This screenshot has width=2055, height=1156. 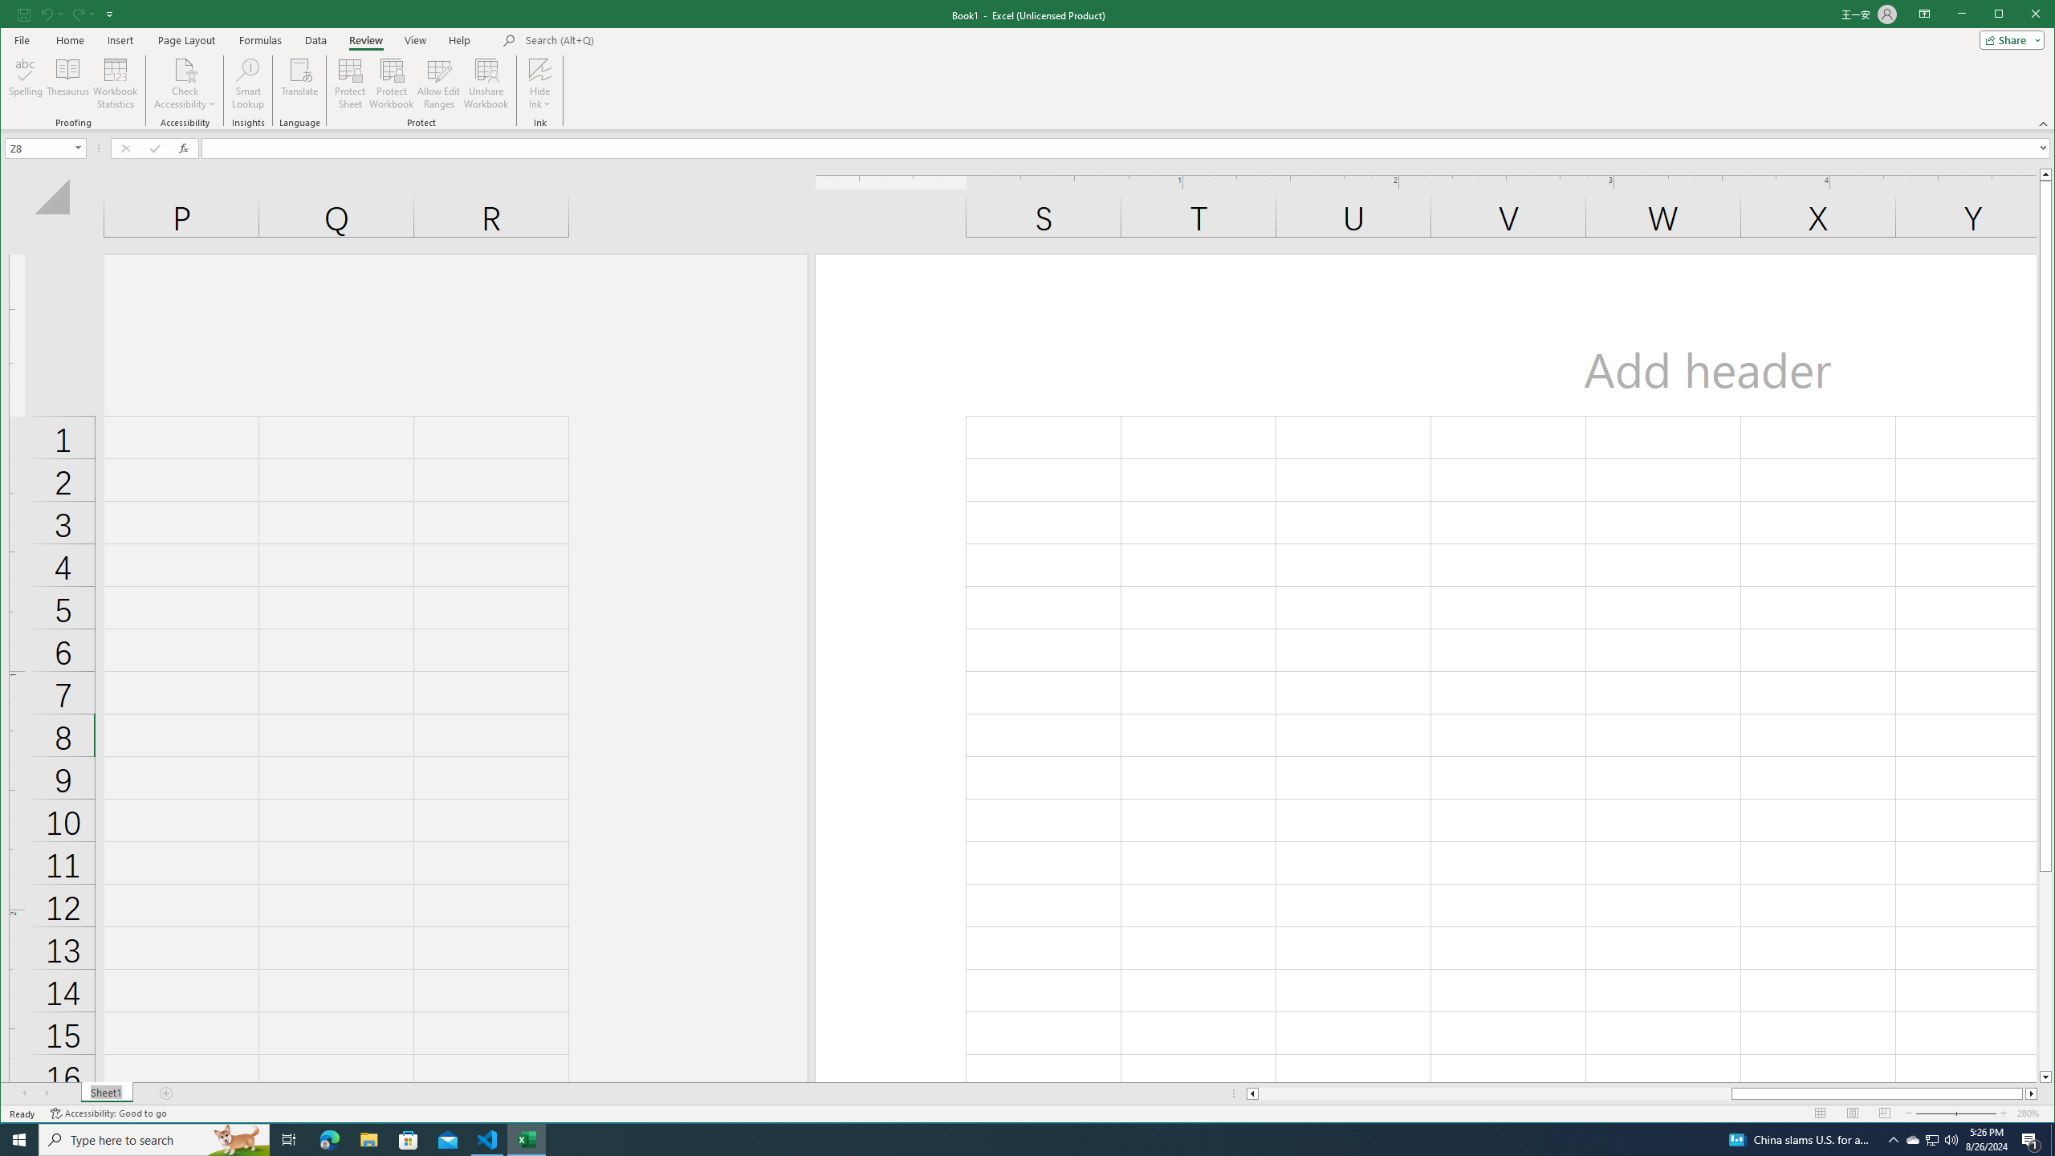 What do you see at coordinates (636, 39) in the screenshot?
I see `'Microsoft search'` at bounding box center [636, 39].